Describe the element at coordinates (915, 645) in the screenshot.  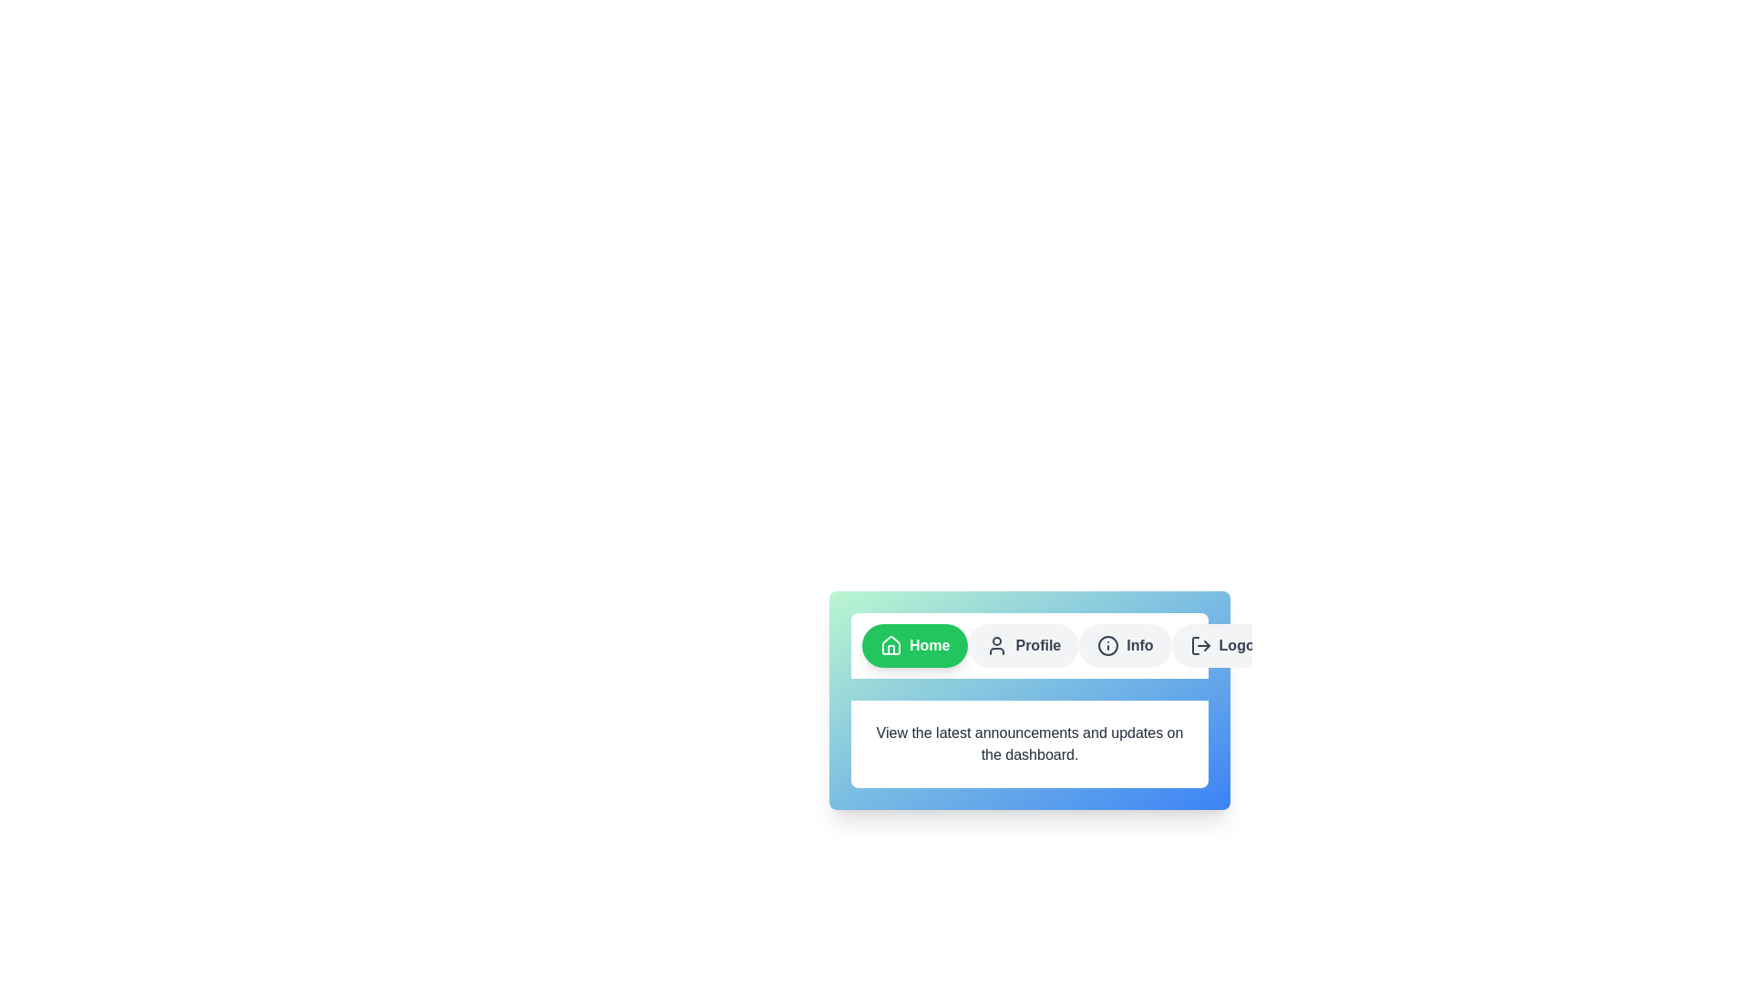
I see `the green 'Home' button with a house icon on the left, located at the far-left of the navigation bar` at that location.